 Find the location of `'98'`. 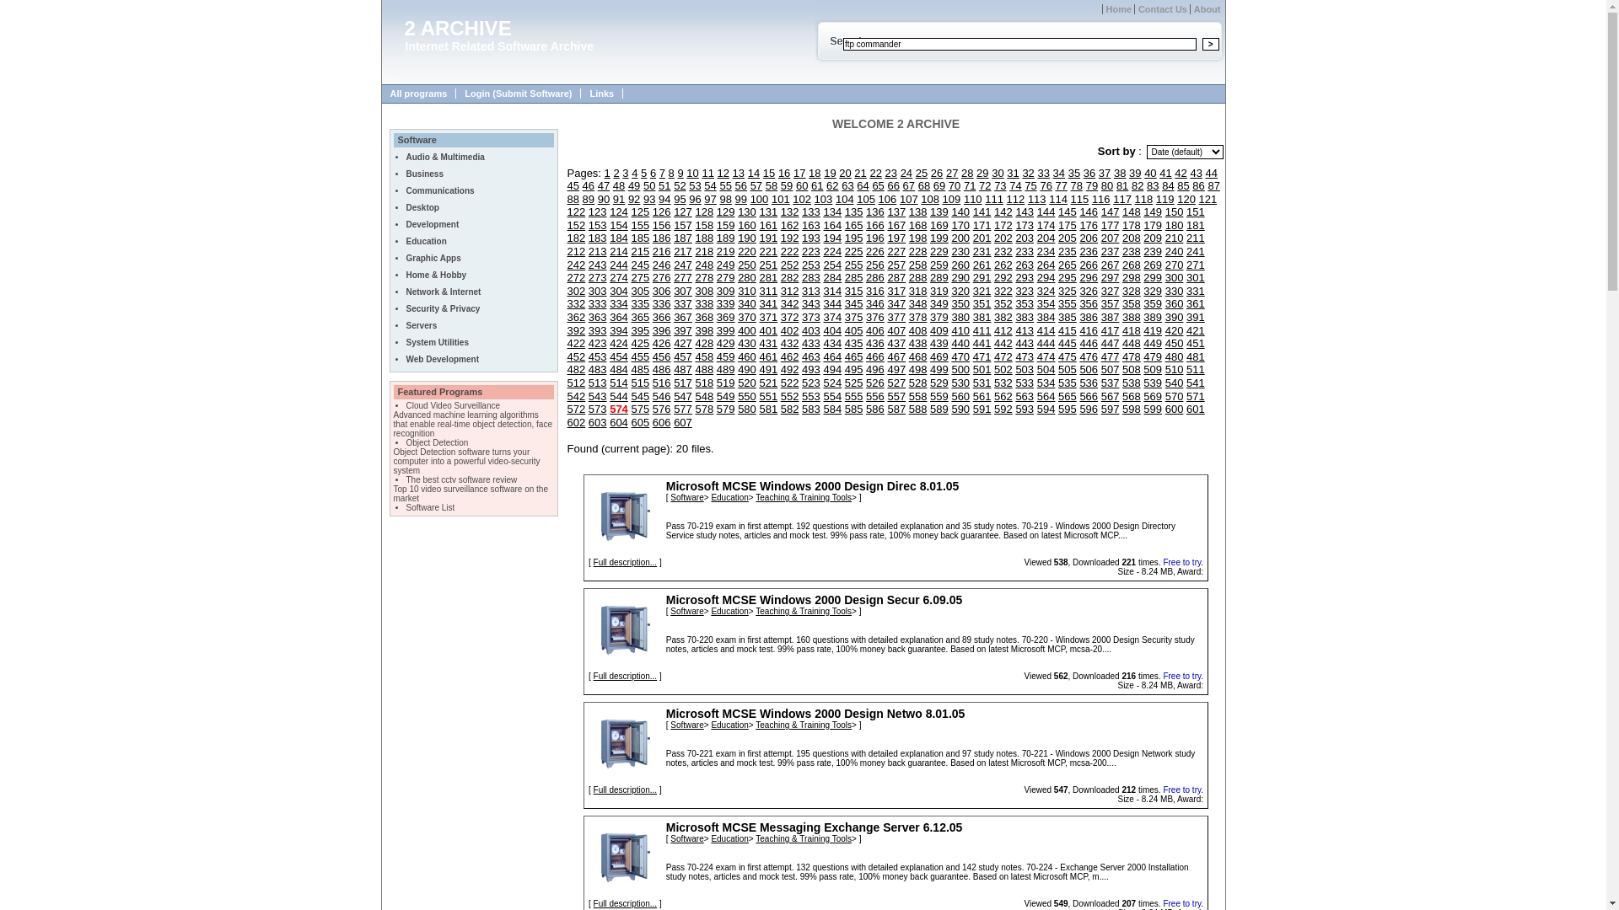

'98' is located at coordinates (724, 198).